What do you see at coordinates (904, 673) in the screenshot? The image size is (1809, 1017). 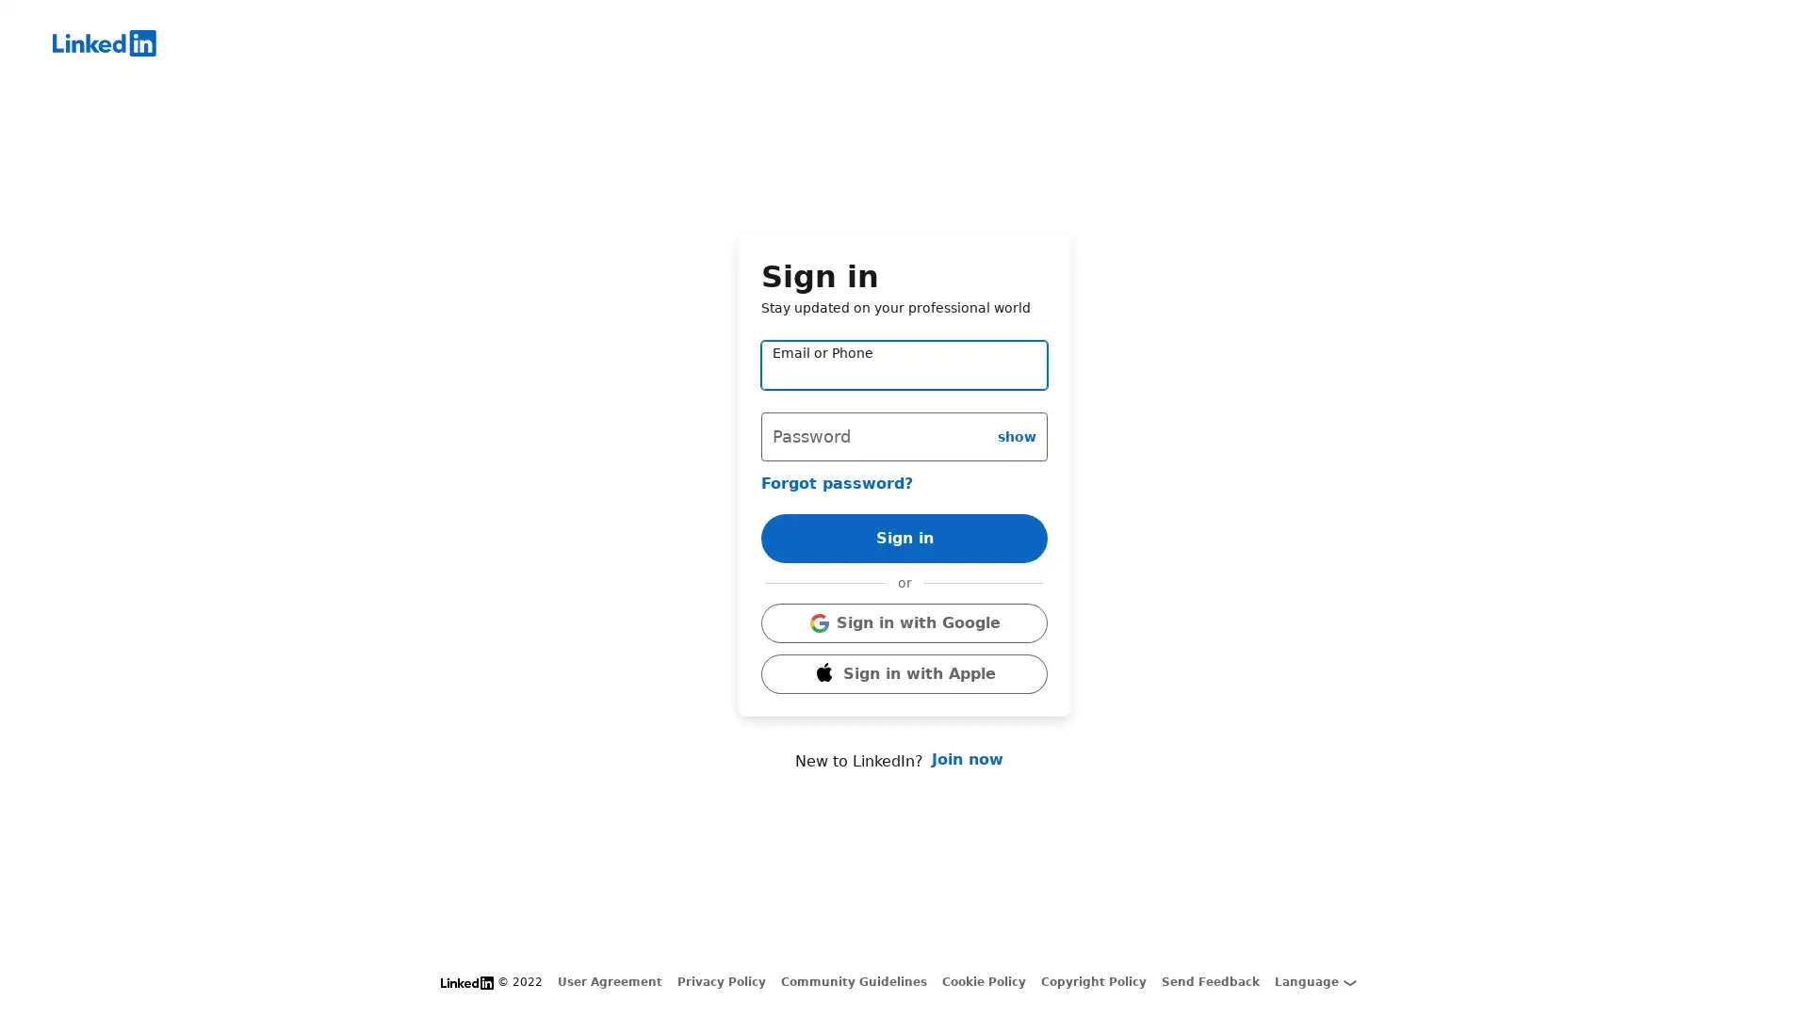 I see `Sign in with Apple` at bounding box center [904, 673].